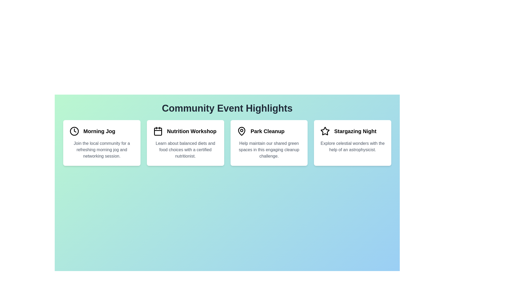 Image resolution: width=510 pixels, height=287 pixels. What do you see at coordinates (102, 150) in the screenshot?
I see `the descriptive text block with gray font color that reads 'Join the local community for a refreshing morning jog and networking session.' located beneath the 'Morning Jog' title` at bounding box center [102, 150].